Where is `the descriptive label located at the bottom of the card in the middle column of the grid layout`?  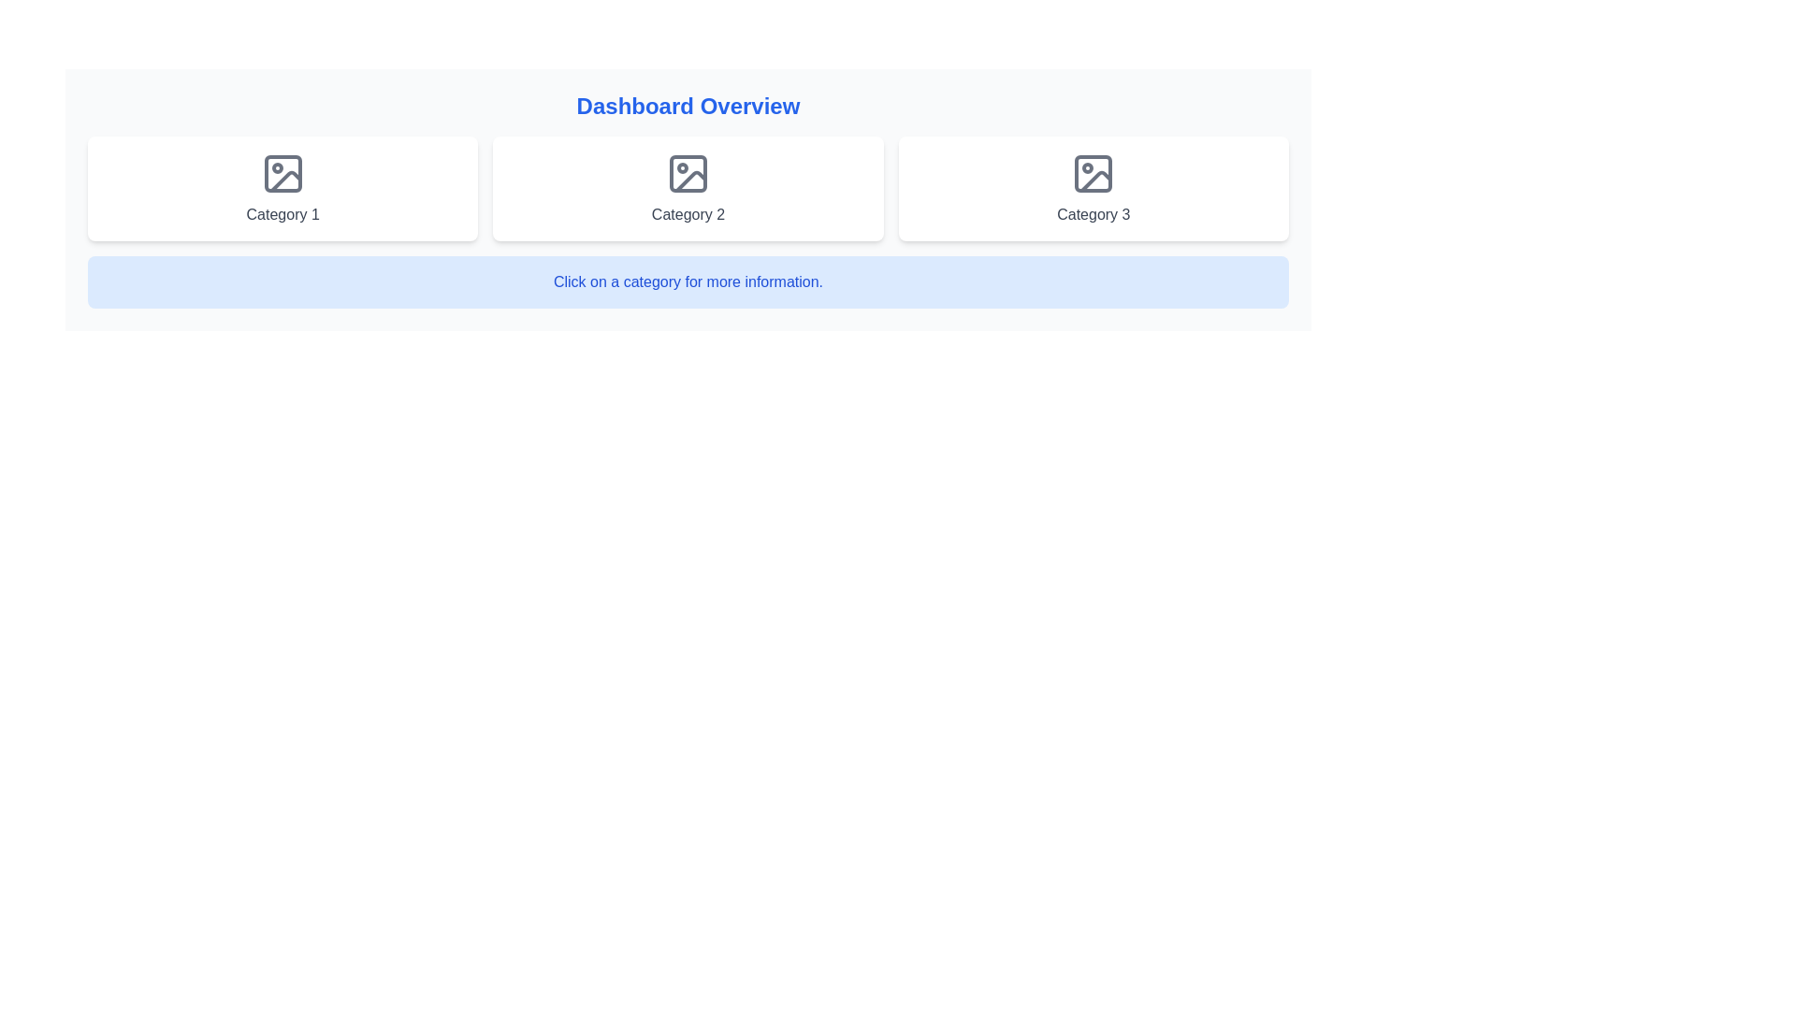 the descriptive label located at the bottom of the card in the middle column of the grid layout is located at coordinates (687, 214).